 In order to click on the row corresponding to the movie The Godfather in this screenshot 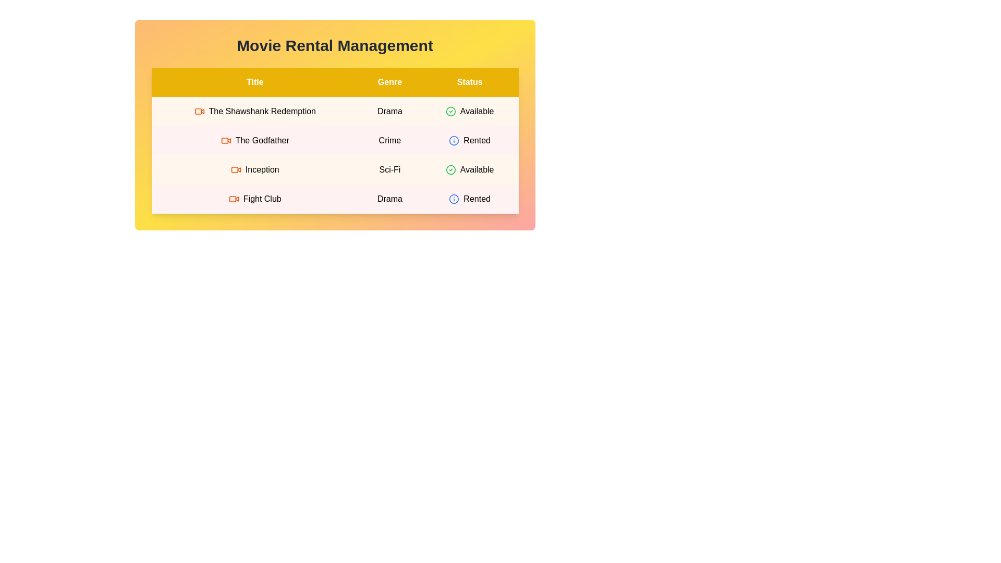, I will do `click(335, 141)`.